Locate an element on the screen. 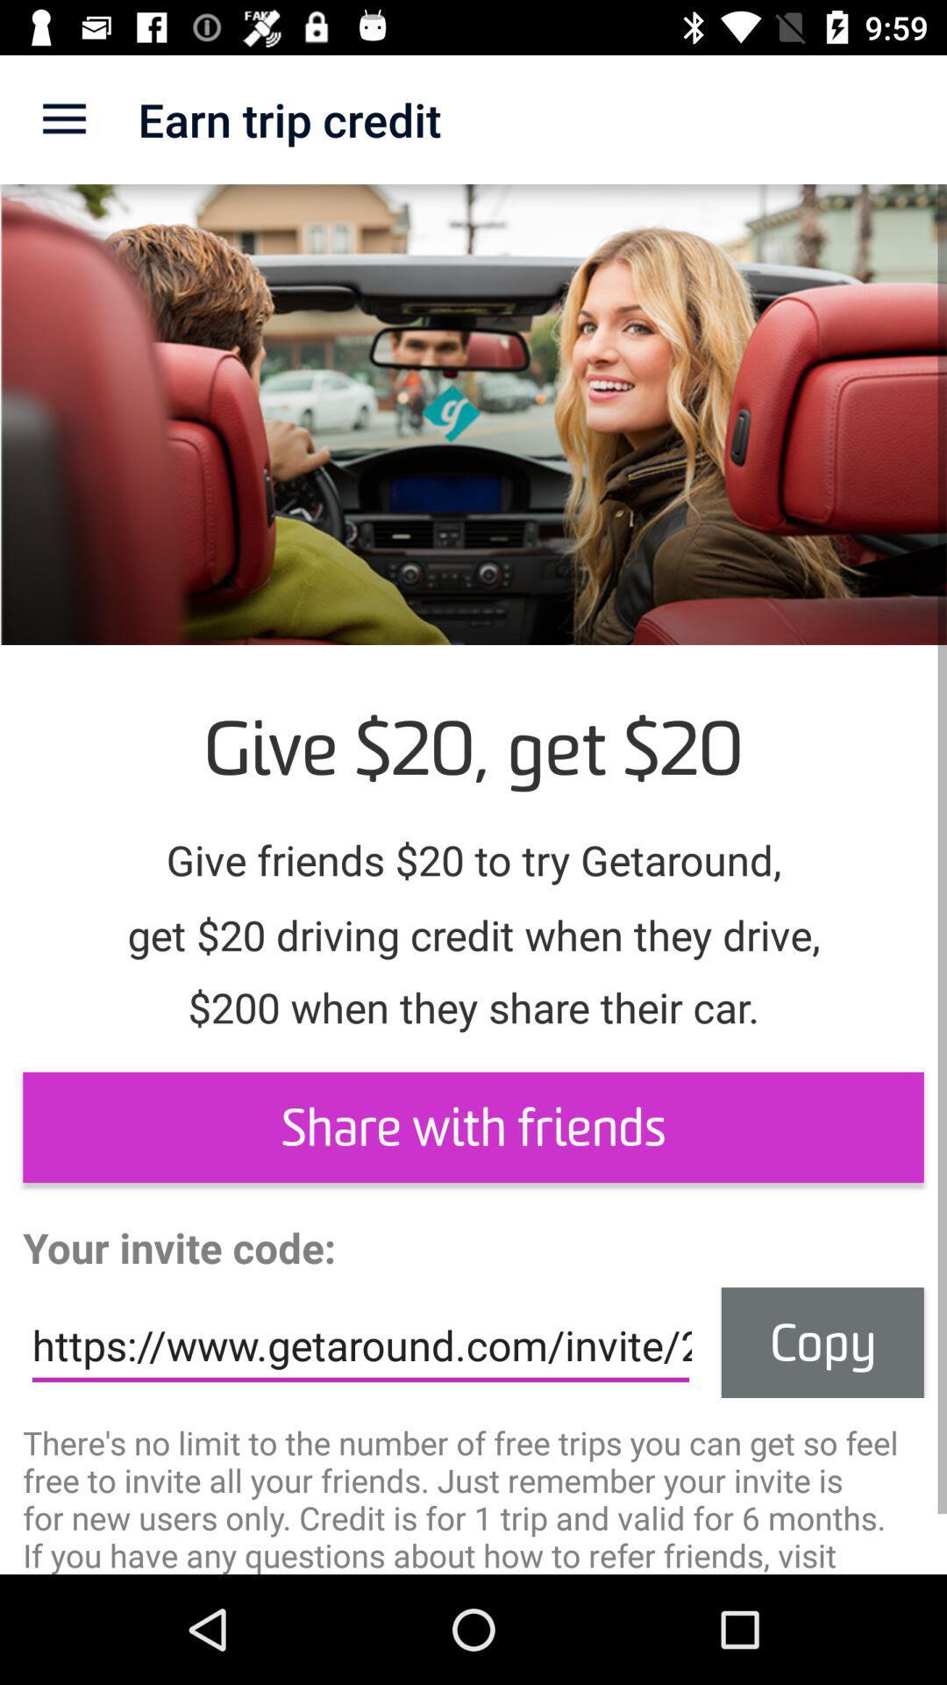 The width and height of the screenshot is (947, 1685). the app to the left of earn trip credit is located at coordinates (63, 118).